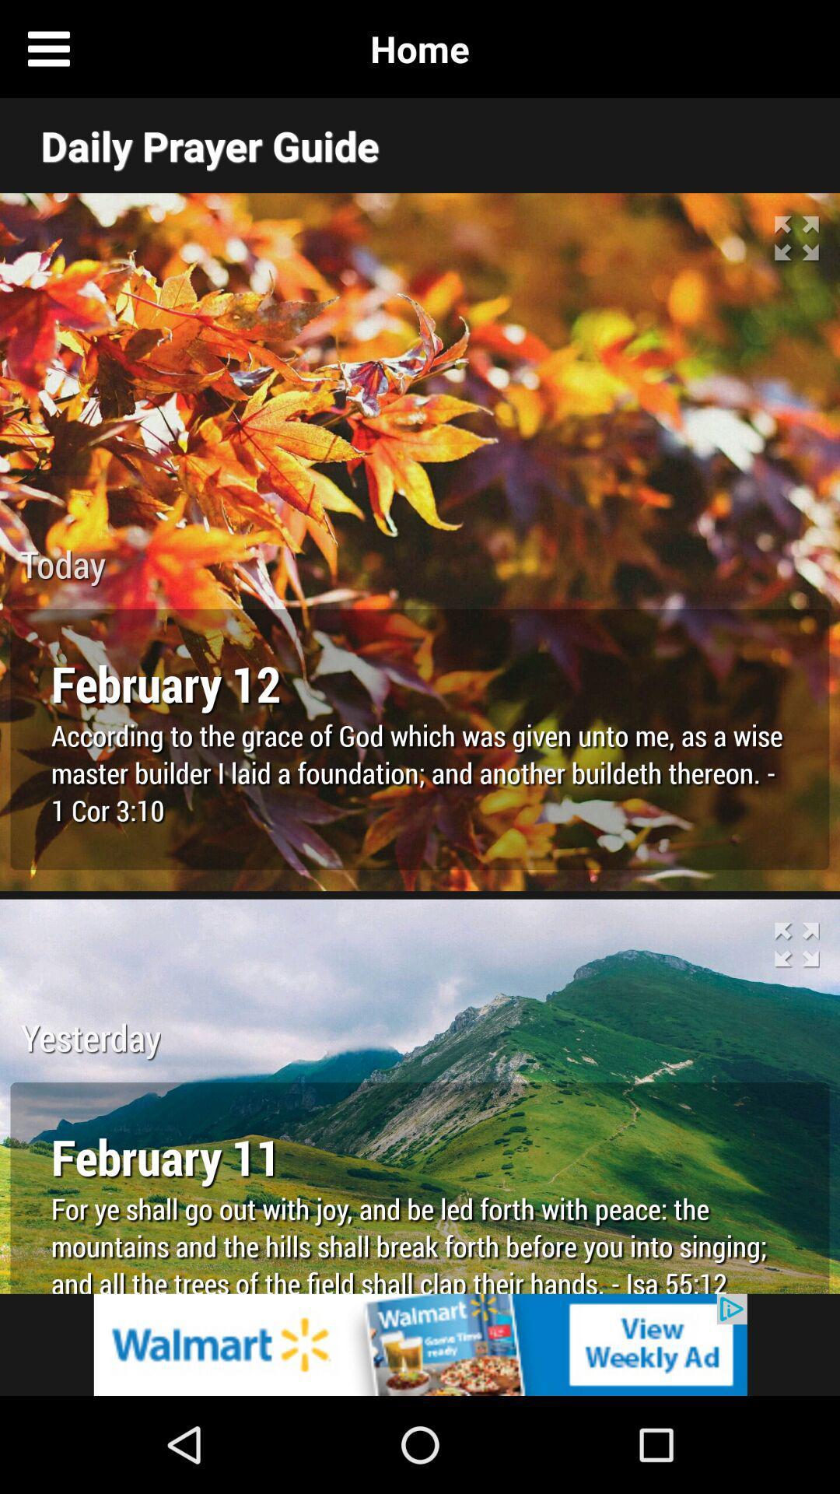 The width and height of the screenshot is (840, 1494). I want to click on february 12, so click(420, 683).